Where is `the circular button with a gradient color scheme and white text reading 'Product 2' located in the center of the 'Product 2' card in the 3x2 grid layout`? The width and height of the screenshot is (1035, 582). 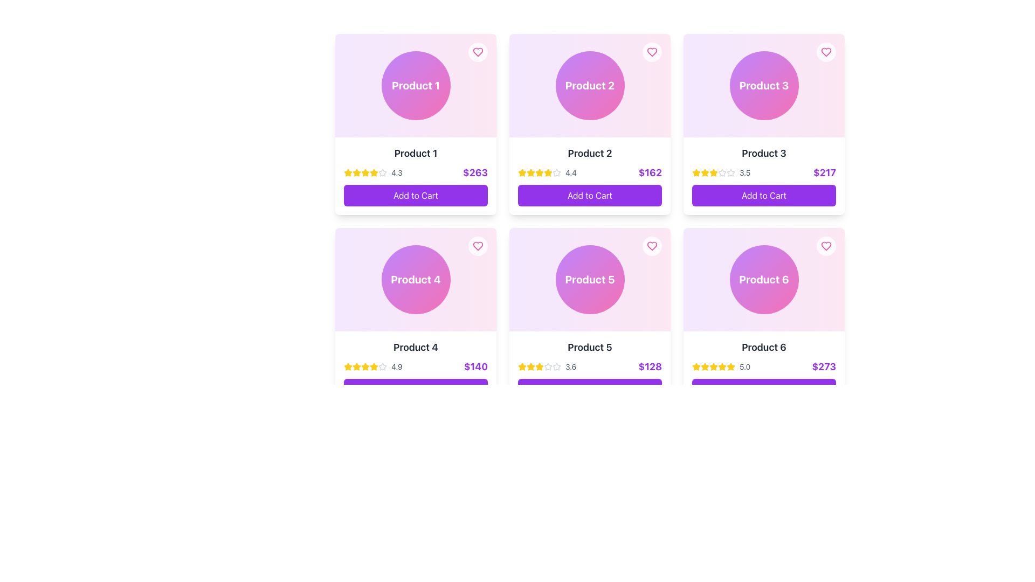
the circular button with a gradient color scheme and white text reading 'Product 2' located in the center of the 'Product 2' card in the 3x2 grid layout is located at coordinates (589, 85).